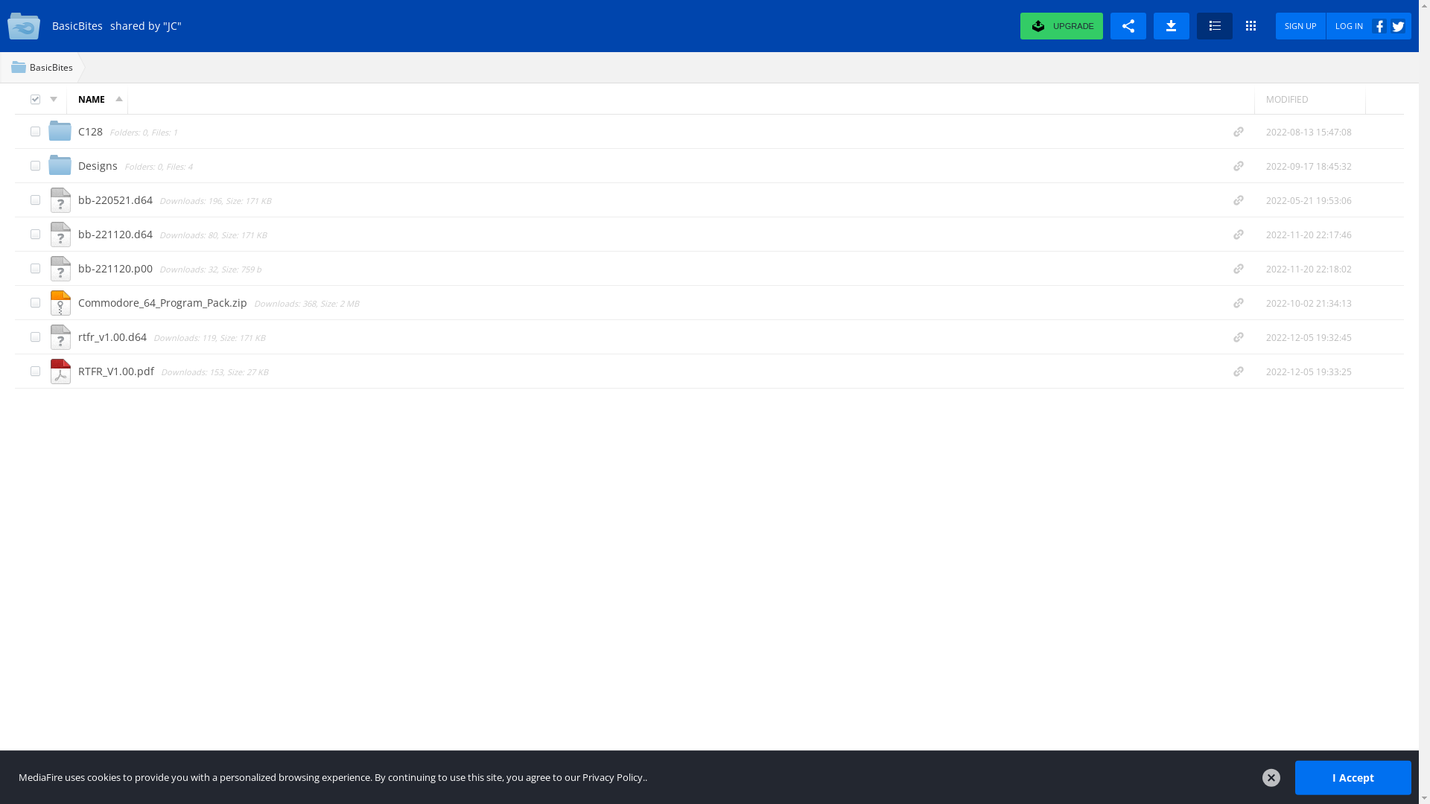 This screenshot has width=1430, height=804. I want to click on 'Grid view', so click(1251, 25).